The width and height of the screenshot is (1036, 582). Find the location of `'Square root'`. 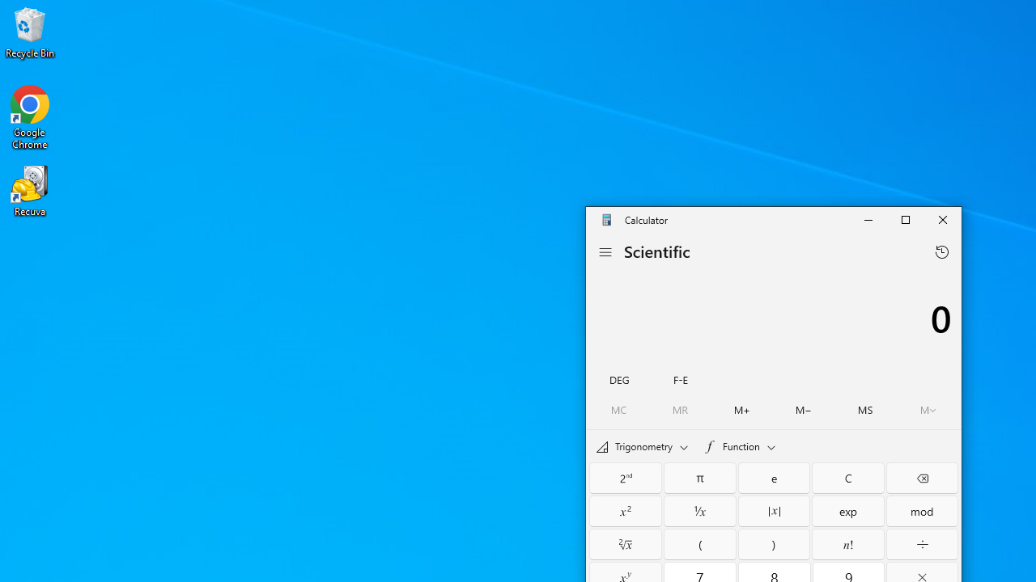

'Square root' is located at coordinates (625, 544).